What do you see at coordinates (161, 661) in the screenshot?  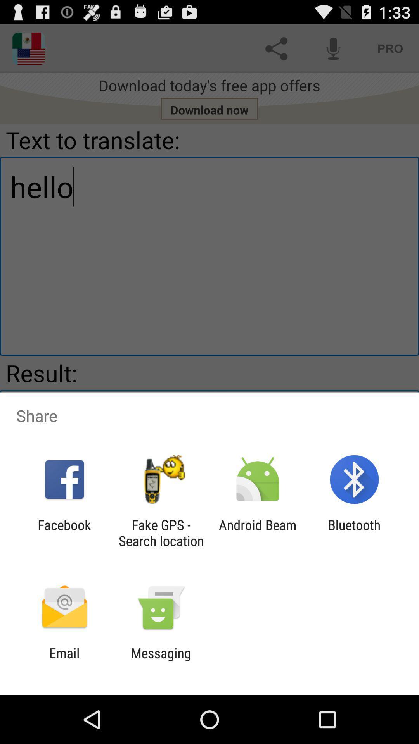 I see `the app to the right of email app` at bounding box center [161, 661].